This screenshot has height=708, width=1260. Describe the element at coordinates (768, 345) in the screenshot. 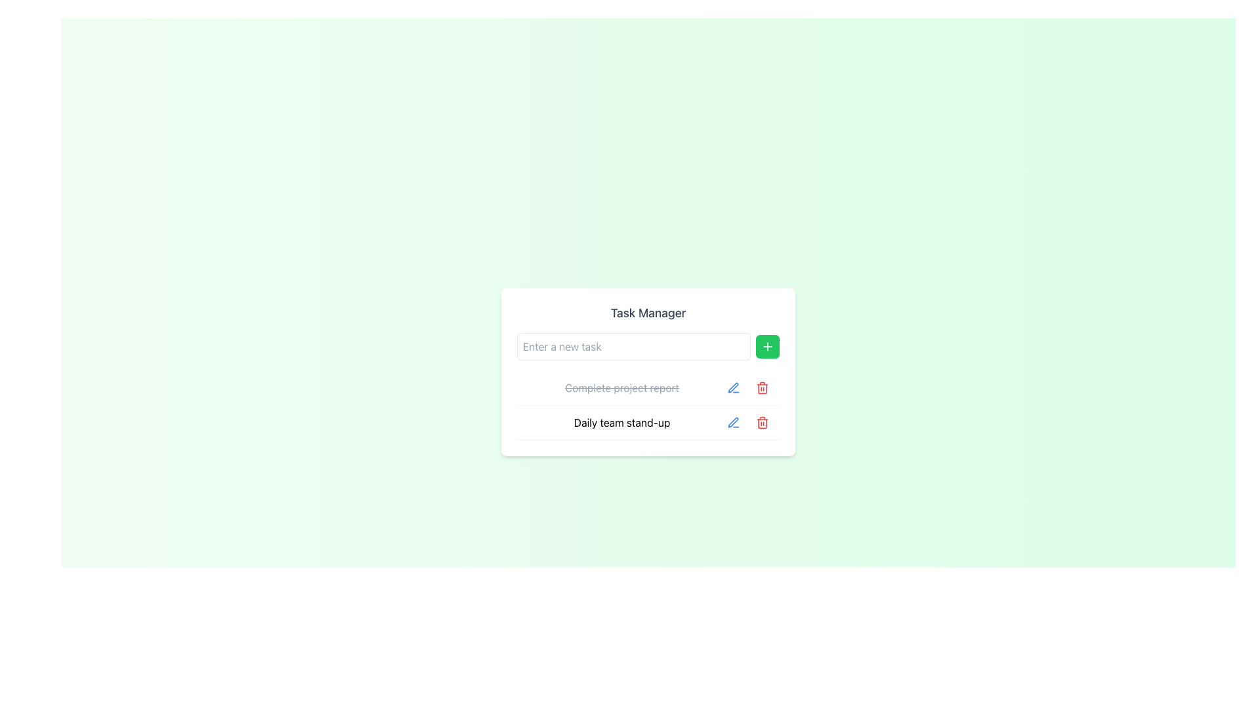

I see `the Icon button located to the right of the 'Enter a new task' input field in the 'Task Manager' panel to initiate the add task action` at that location.